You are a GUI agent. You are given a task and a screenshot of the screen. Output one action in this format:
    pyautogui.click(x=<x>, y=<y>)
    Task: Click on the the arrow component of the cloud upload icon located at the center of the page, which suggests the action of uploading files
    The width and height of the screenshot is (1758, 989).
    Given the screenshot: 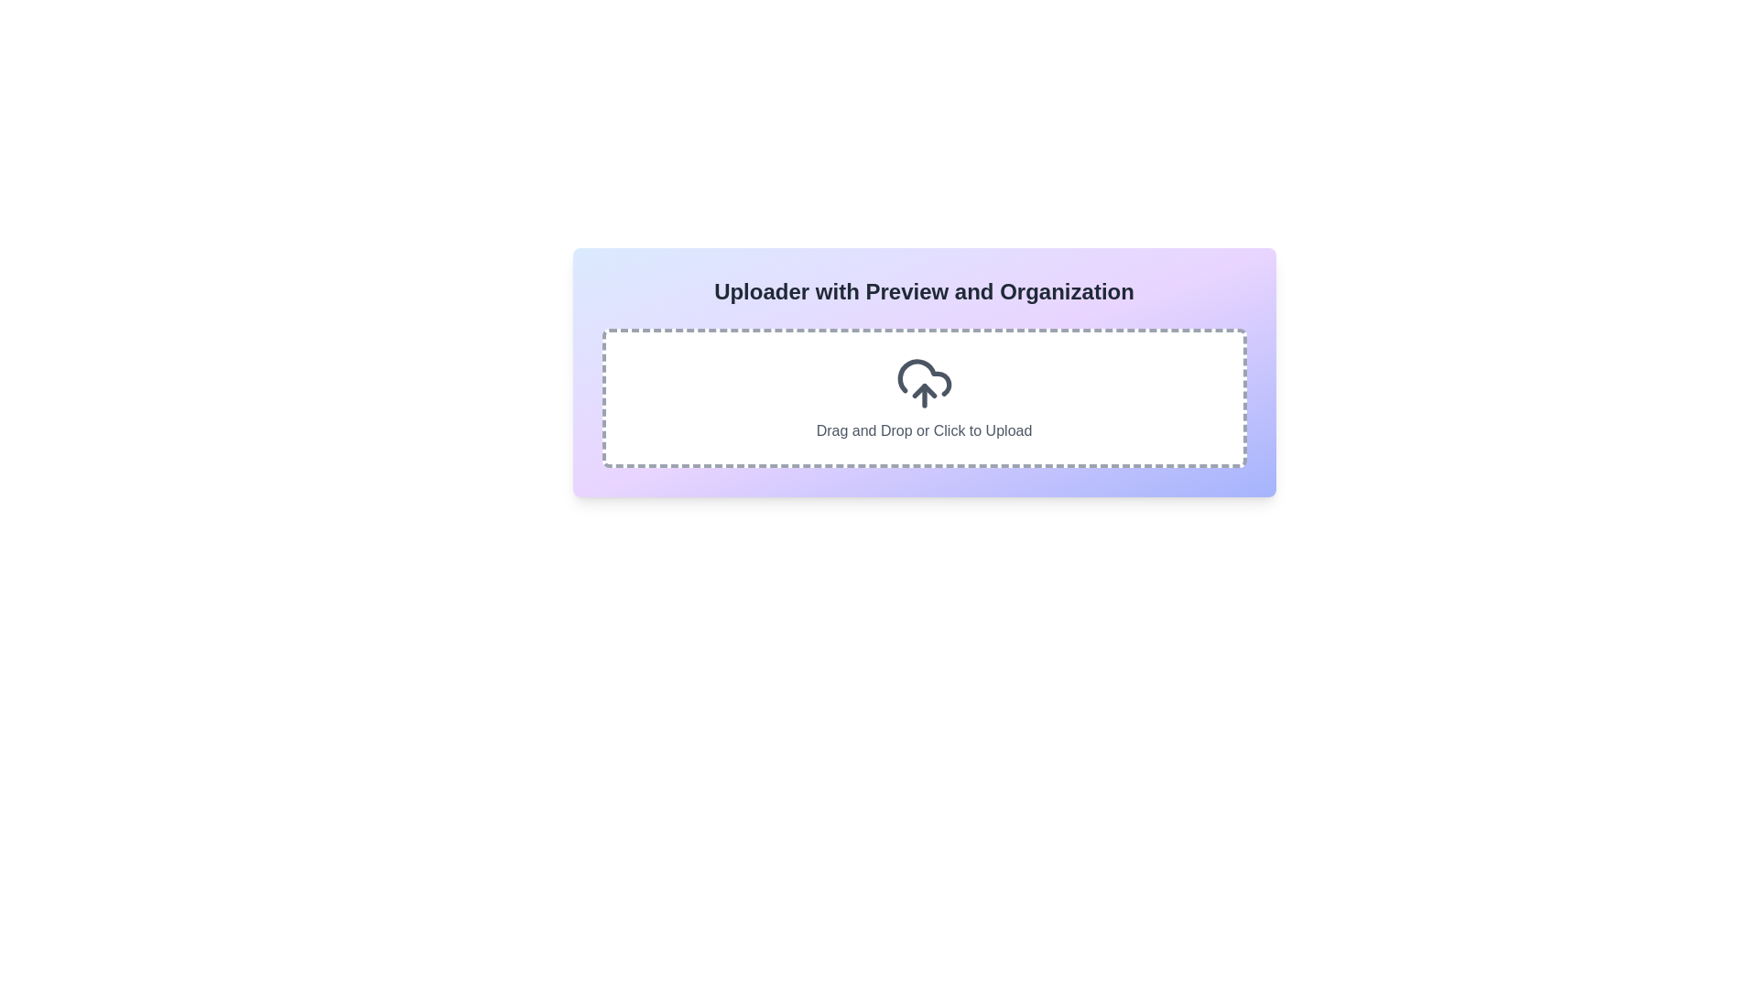 What is the action you would take?
    pyautogui.click(x=924, y=390)
    